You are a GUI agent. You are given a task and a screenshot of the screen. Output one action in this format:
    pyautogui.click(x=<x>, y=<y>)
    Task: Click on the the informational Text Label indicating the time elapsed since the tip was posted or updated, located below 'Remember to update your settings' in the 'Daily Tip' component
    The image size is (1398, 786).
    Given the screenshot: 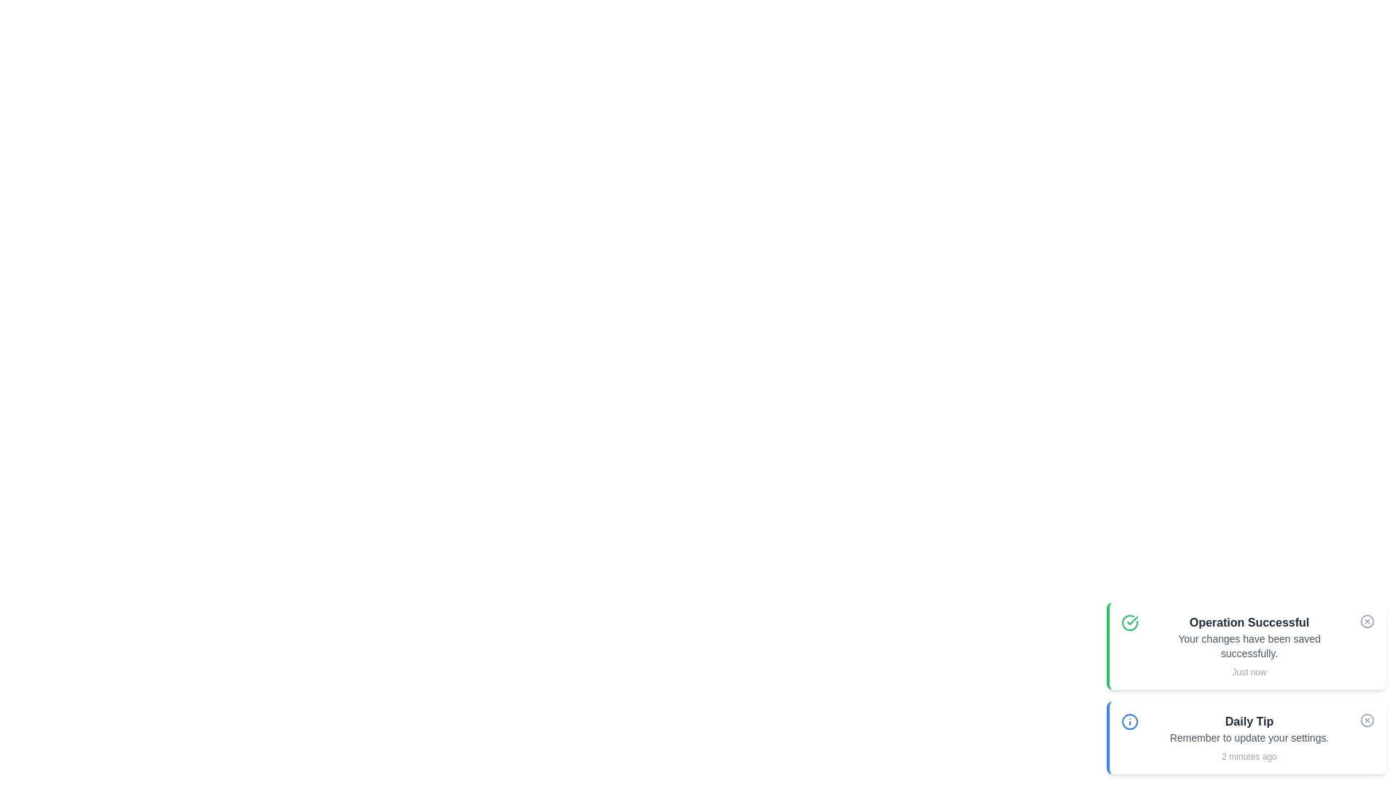 What is the action you would take?
    pyautogui.click(x=1249, y=756)
    